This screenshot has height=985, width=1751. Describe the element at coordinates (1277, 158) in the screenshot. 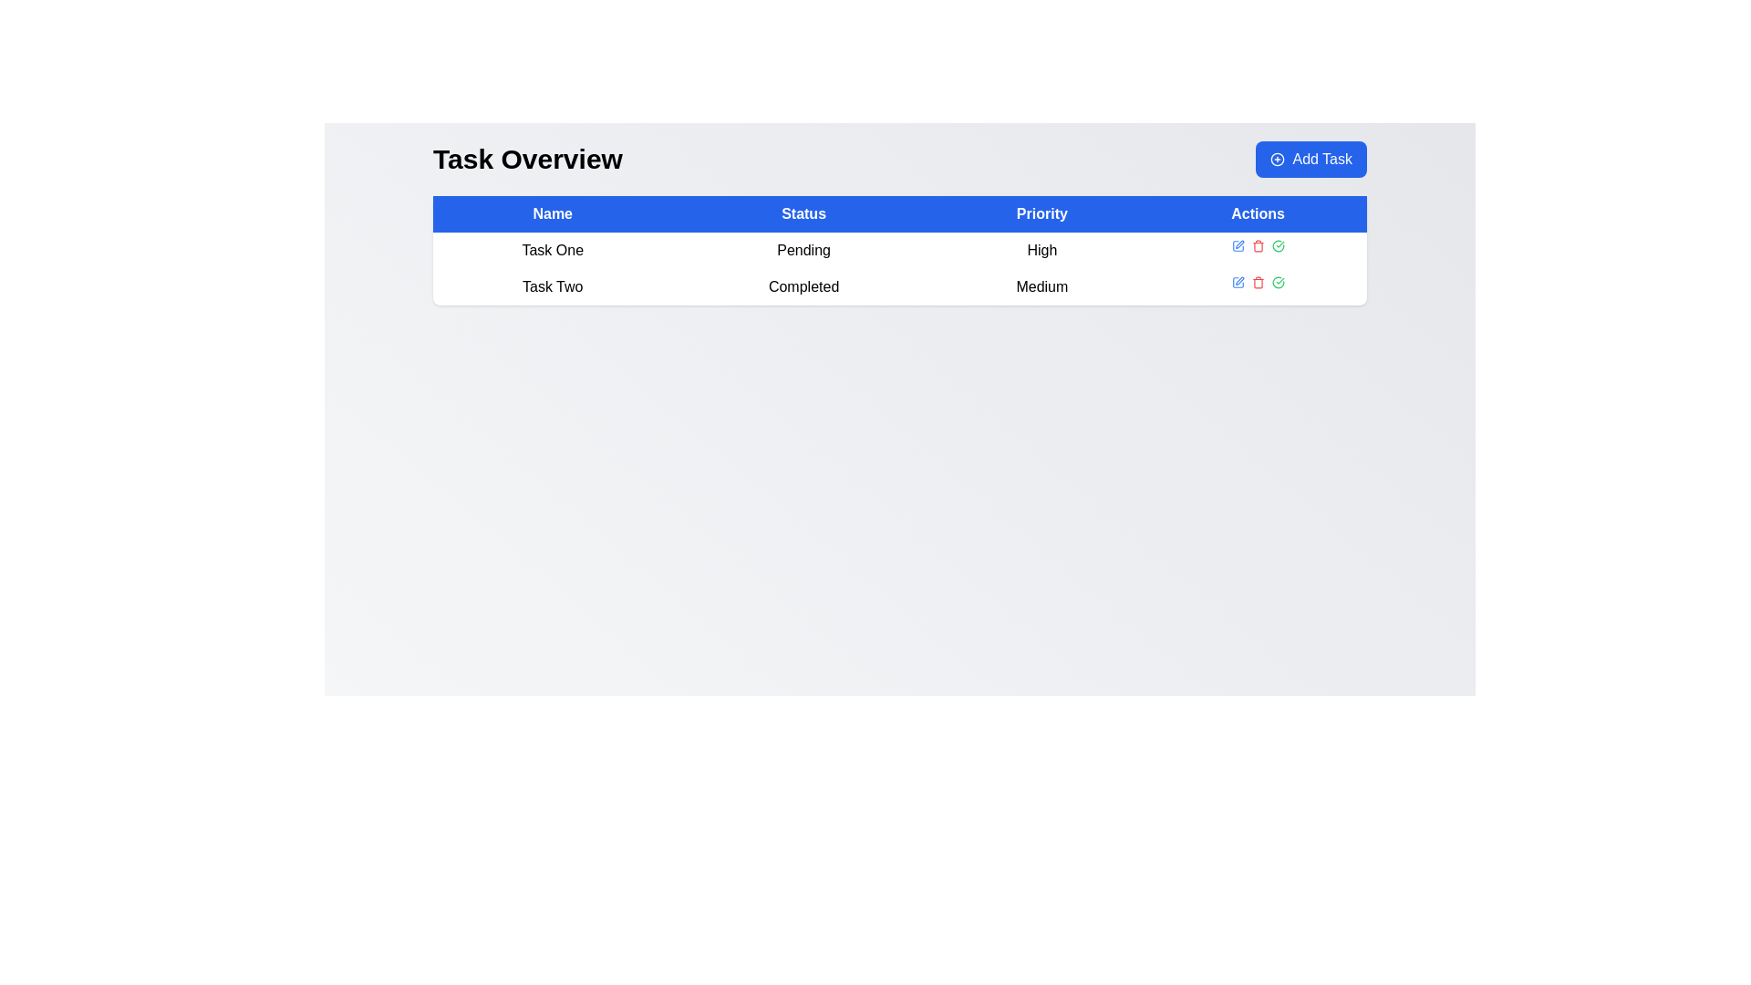

I see `the circular vector graphic element that is part of the 'Add Task' button icon located at the top-right corner of the interface` at that location.